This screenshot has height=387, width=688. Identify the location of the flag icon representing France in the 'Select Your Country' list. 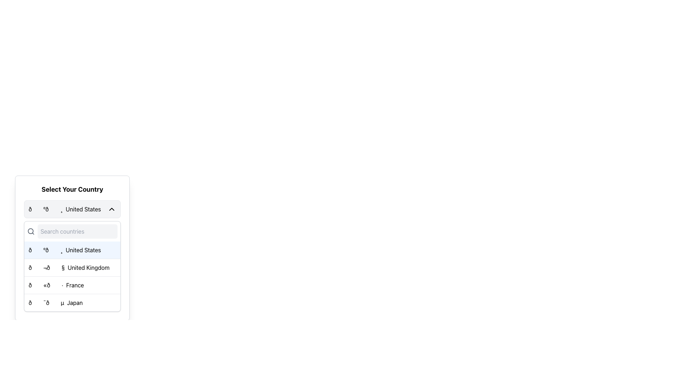
(46, 285).